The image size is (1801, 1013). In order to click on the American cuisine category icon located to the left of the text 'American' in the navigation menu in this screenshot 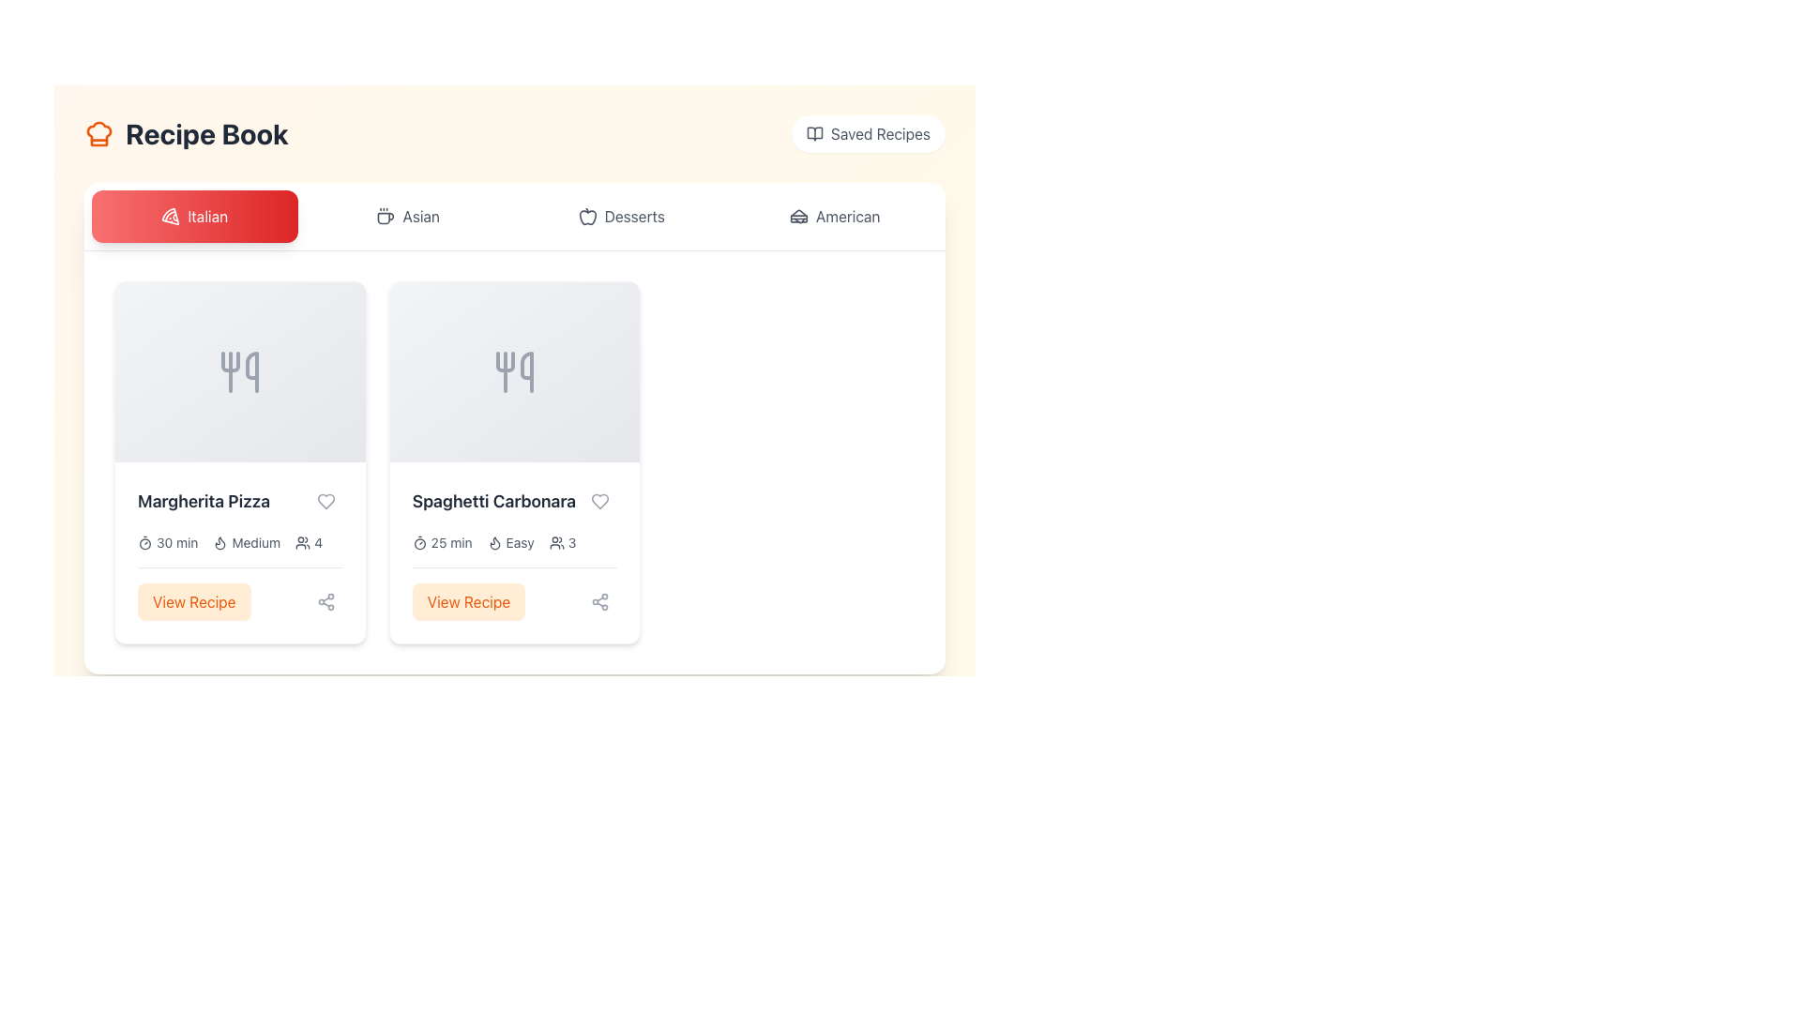, I will do `click(798, 216)`.